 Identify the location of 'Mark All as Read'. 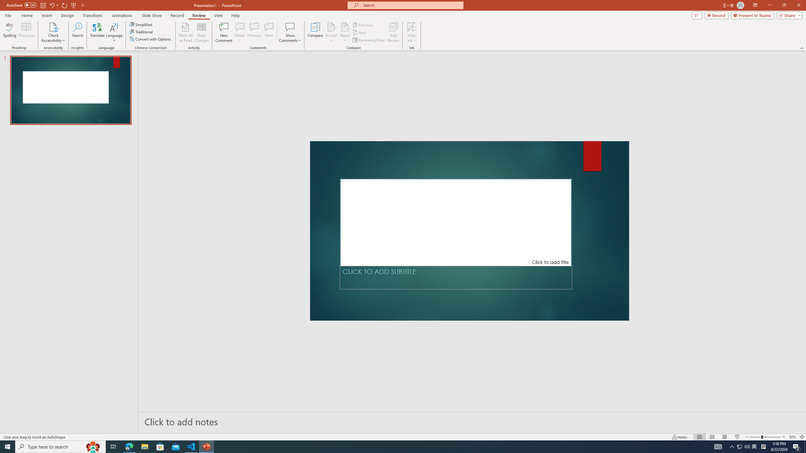
(186, 32).